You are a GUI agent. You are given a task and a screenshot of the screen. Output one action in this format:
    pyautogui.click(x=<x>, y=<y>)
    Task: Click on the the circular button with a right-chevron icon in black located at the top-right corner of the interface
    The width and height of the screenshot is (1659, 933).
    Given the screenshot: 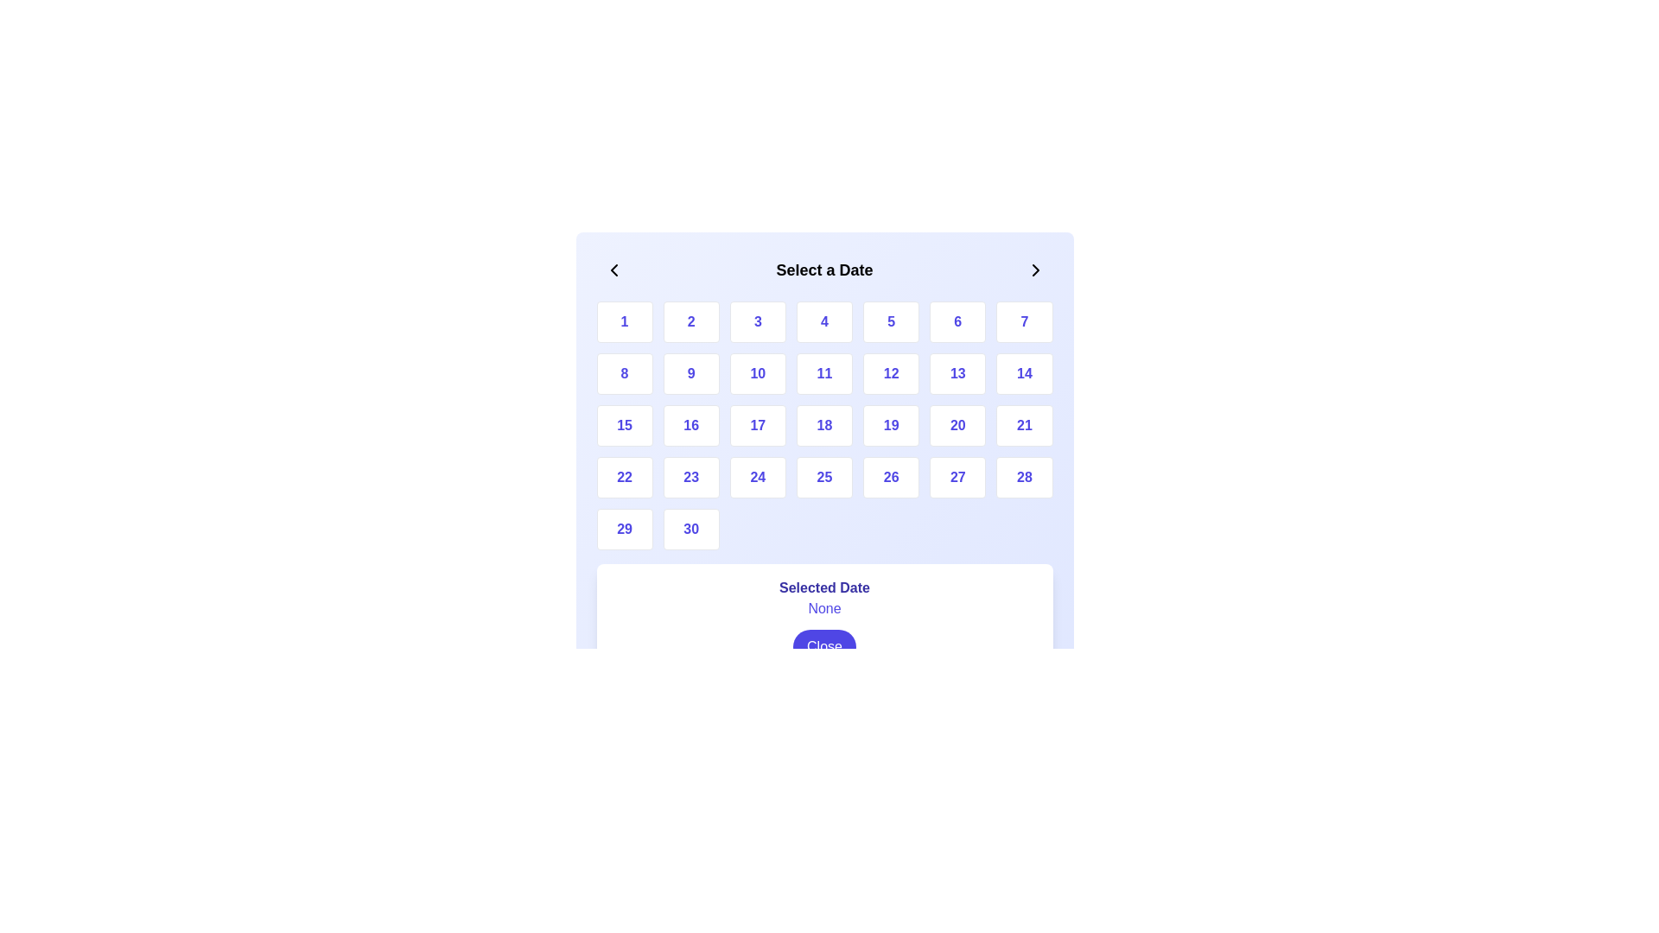 What is the action you would take?
    pyautogui.click(x=1035, y=270)
    